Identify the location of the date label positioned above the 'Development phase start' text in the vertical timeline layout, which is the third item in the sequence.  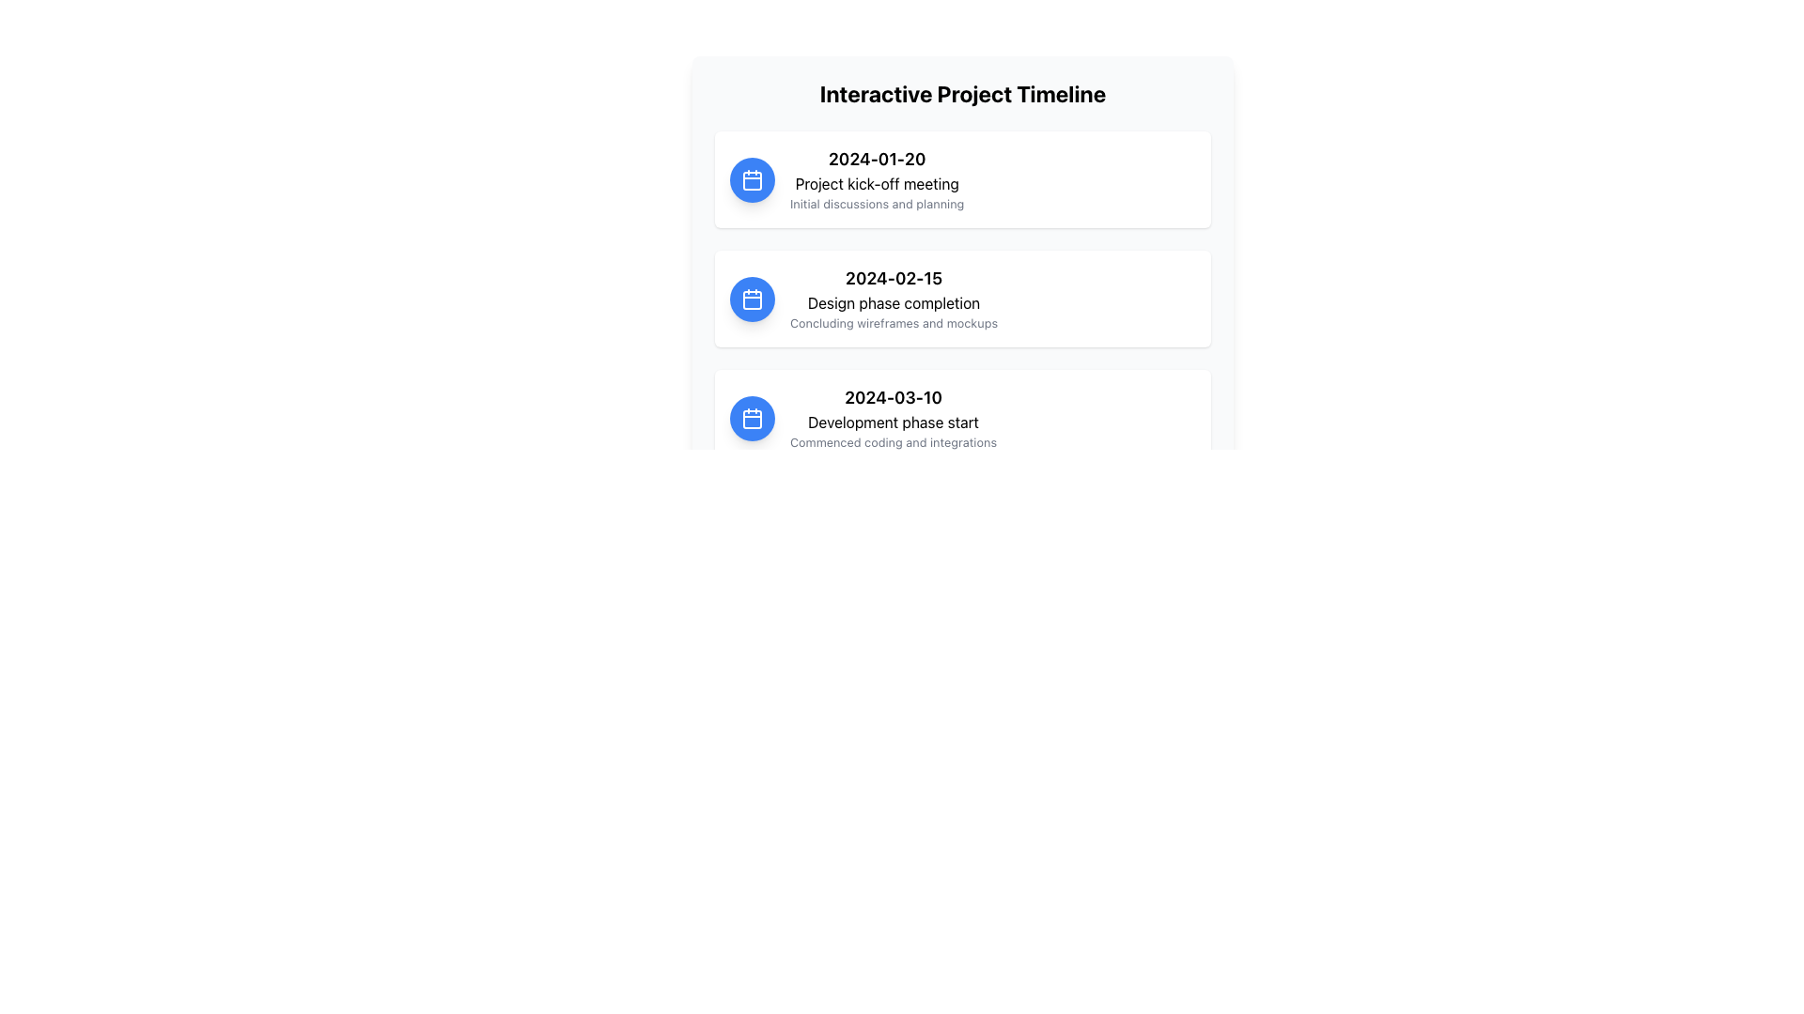
(892, 397).